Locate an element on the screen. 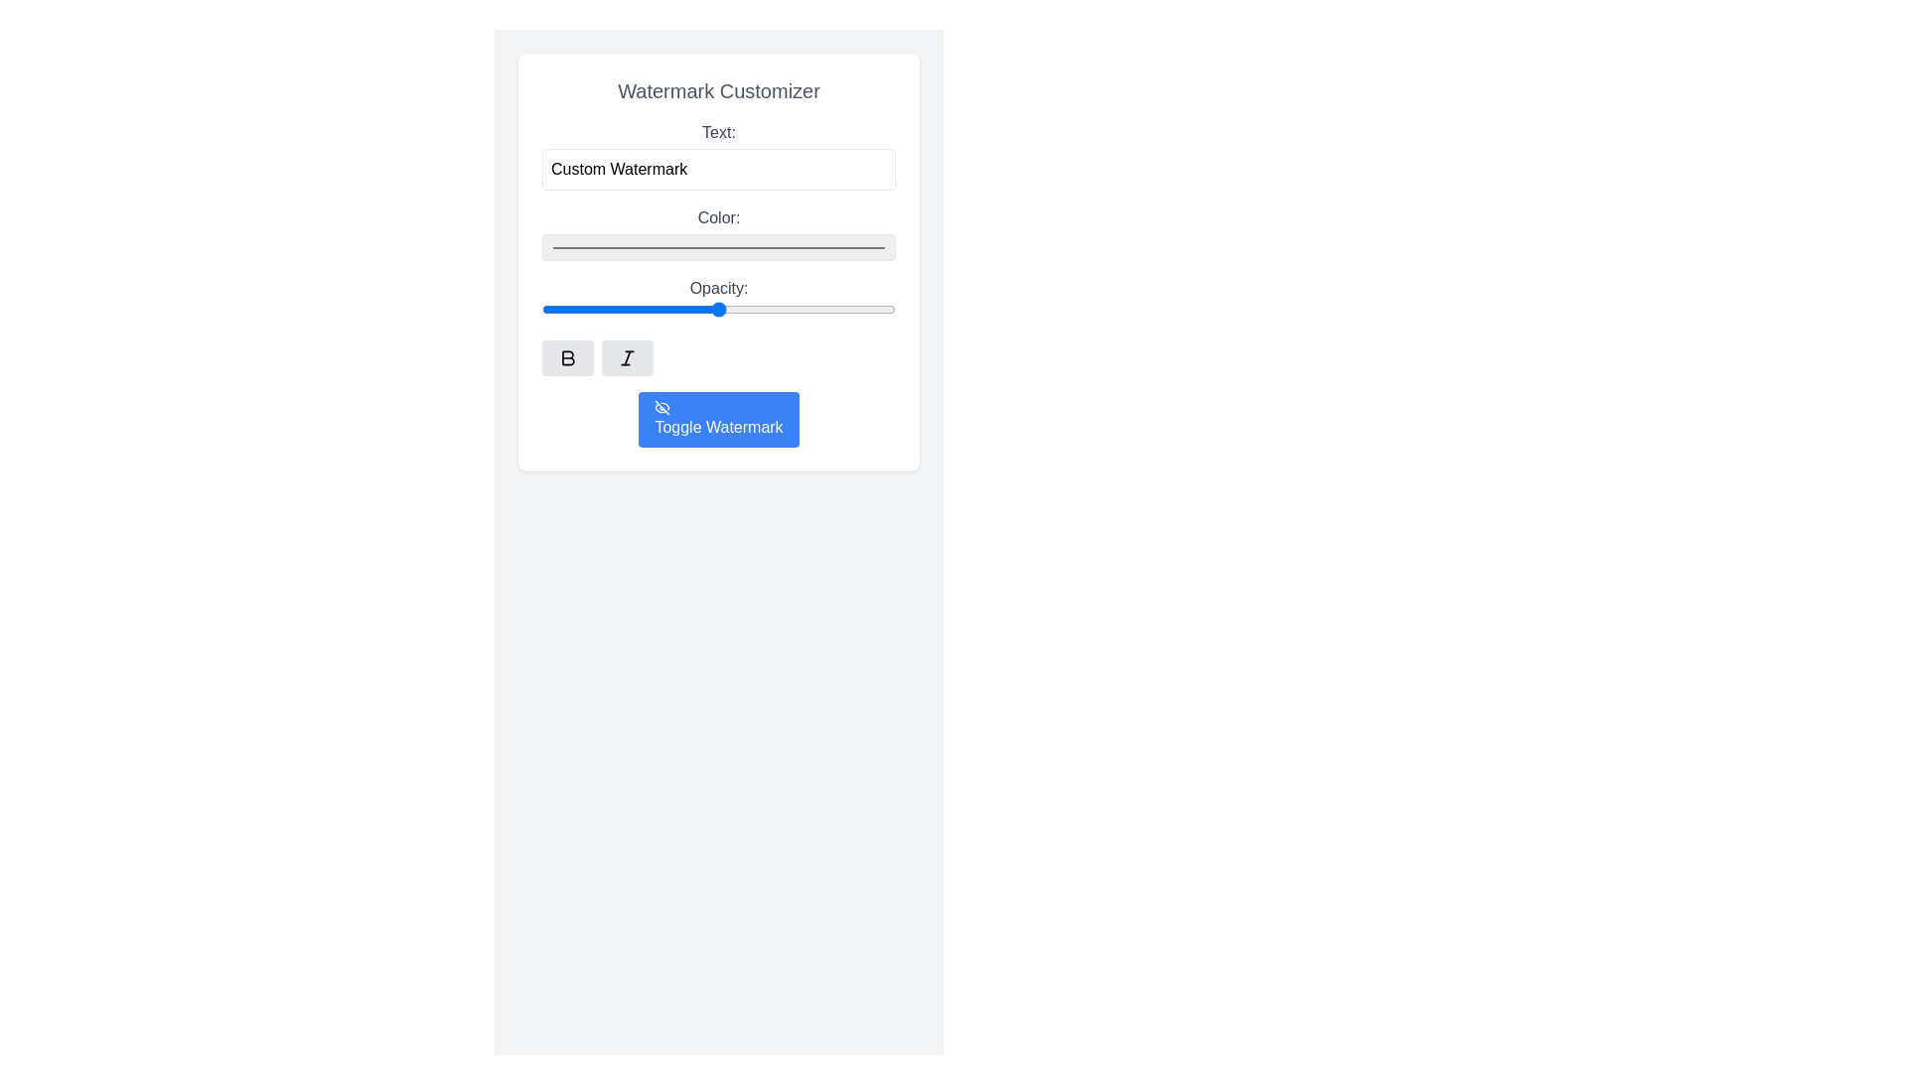  the Icon button located within the 'Toggle Watermark' button is located at coordinates (662, 407).